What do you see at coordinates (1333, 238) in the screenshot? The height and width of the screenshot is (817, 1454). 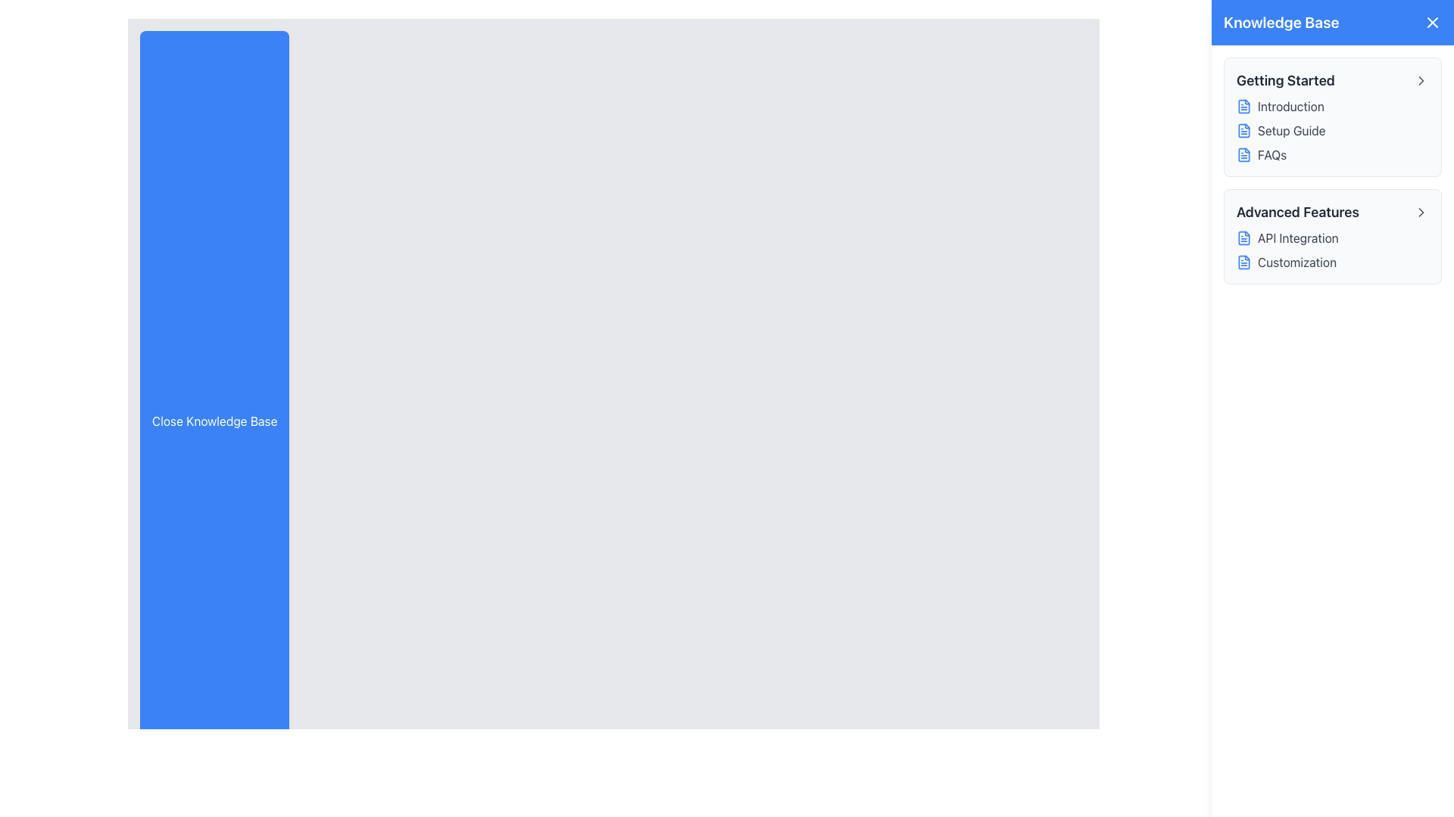 I see `the clickable label with an icon in the 'Advanced Features' section of the Knowledge Base panel` at bounding box center [1333, 238].